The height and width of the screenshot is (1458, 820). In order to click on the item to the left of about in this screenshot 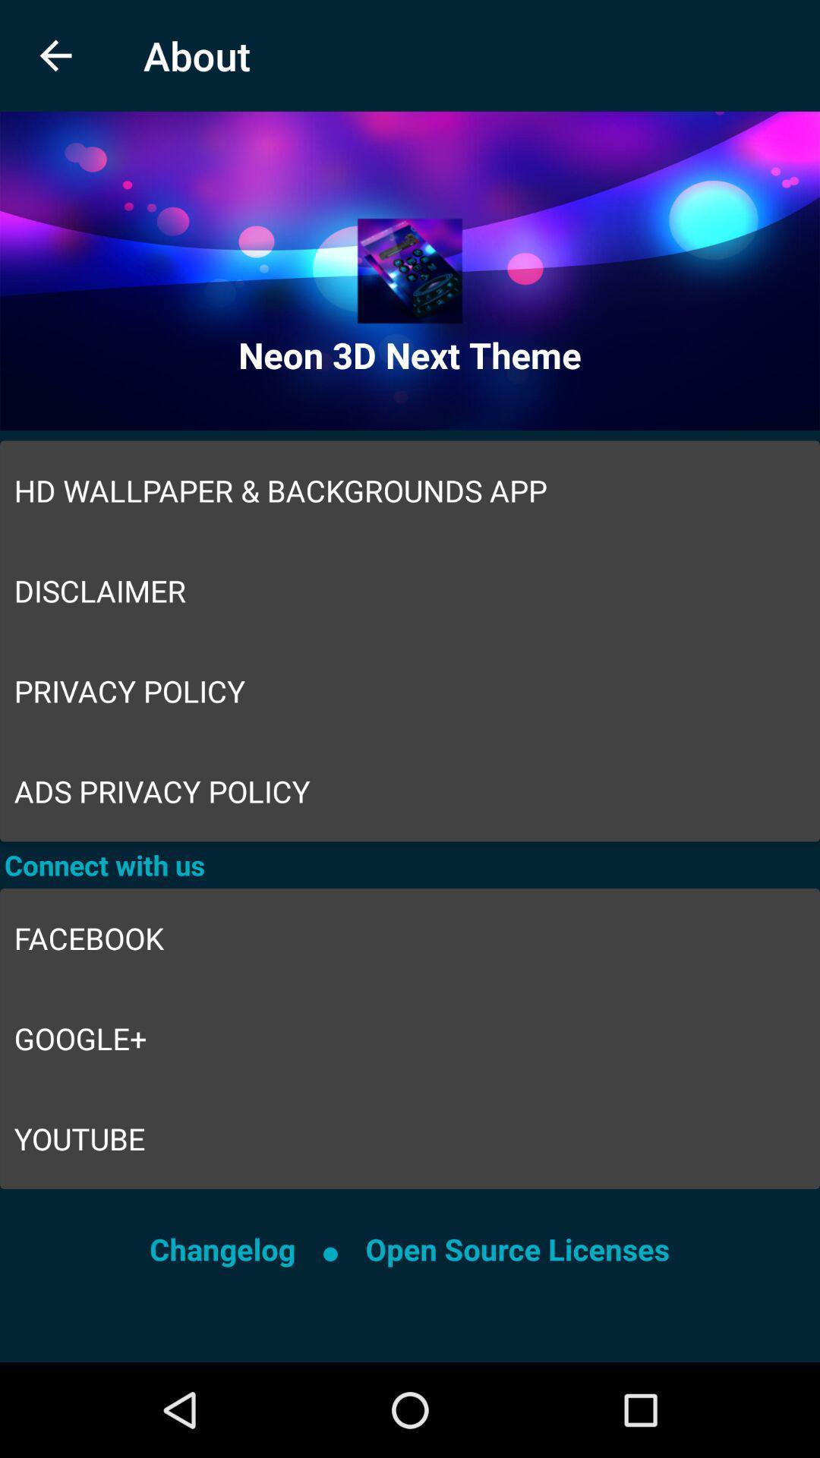, I will do `click(55, 55)`.